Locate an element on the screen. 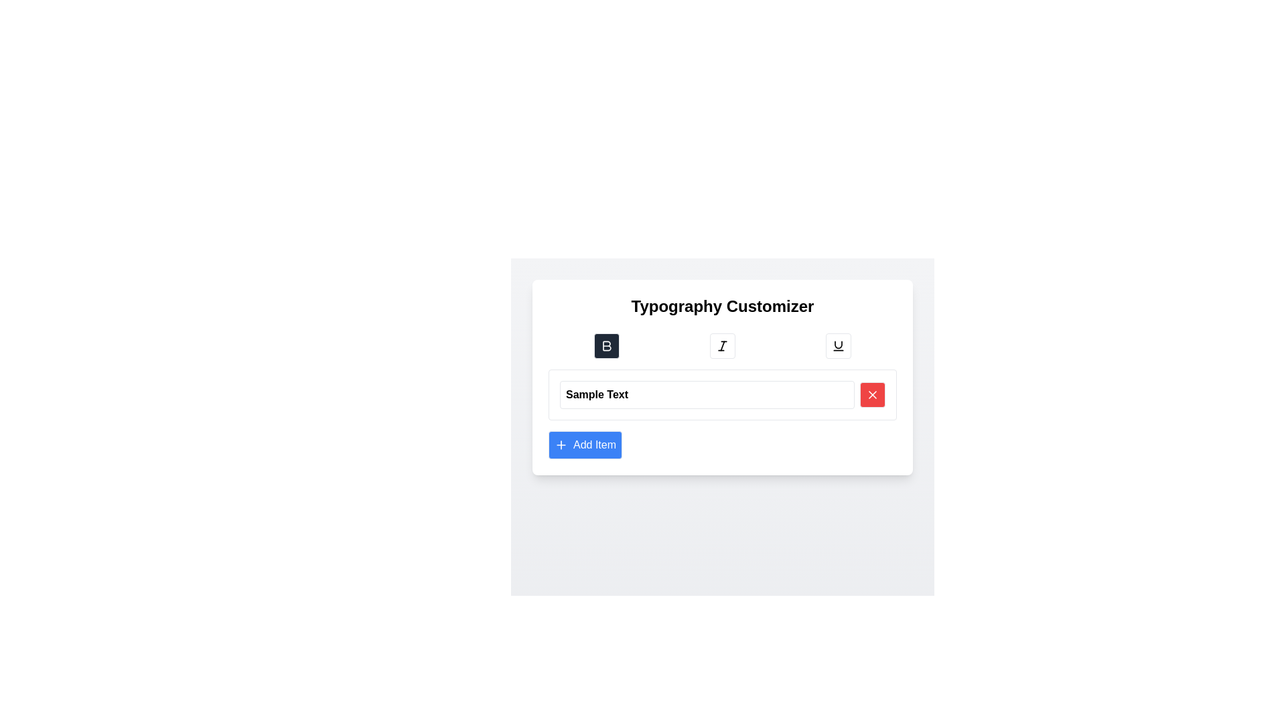  the curved decorative line forming half a U-shape, which is part of the third icon from the left in a row of three icons in the 'Typography Customizer' panel is located at coordinates (838, 344).